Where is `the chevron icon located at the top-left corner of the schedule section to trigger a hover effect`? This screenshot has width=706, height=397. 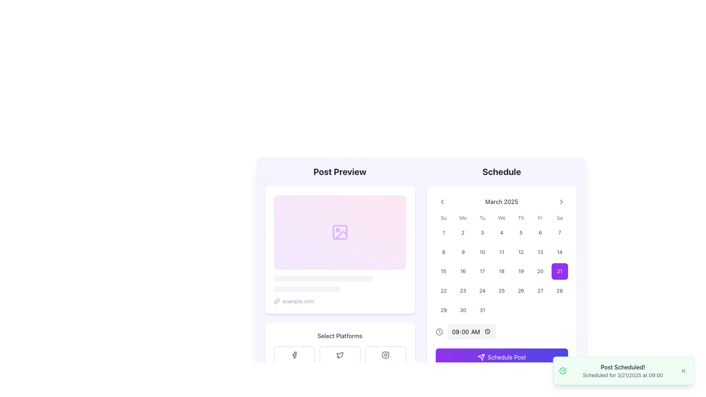 the chevron icon located at the top-left corner of the schedule section to trigger a hover effect is located at coordinates (442, 201).